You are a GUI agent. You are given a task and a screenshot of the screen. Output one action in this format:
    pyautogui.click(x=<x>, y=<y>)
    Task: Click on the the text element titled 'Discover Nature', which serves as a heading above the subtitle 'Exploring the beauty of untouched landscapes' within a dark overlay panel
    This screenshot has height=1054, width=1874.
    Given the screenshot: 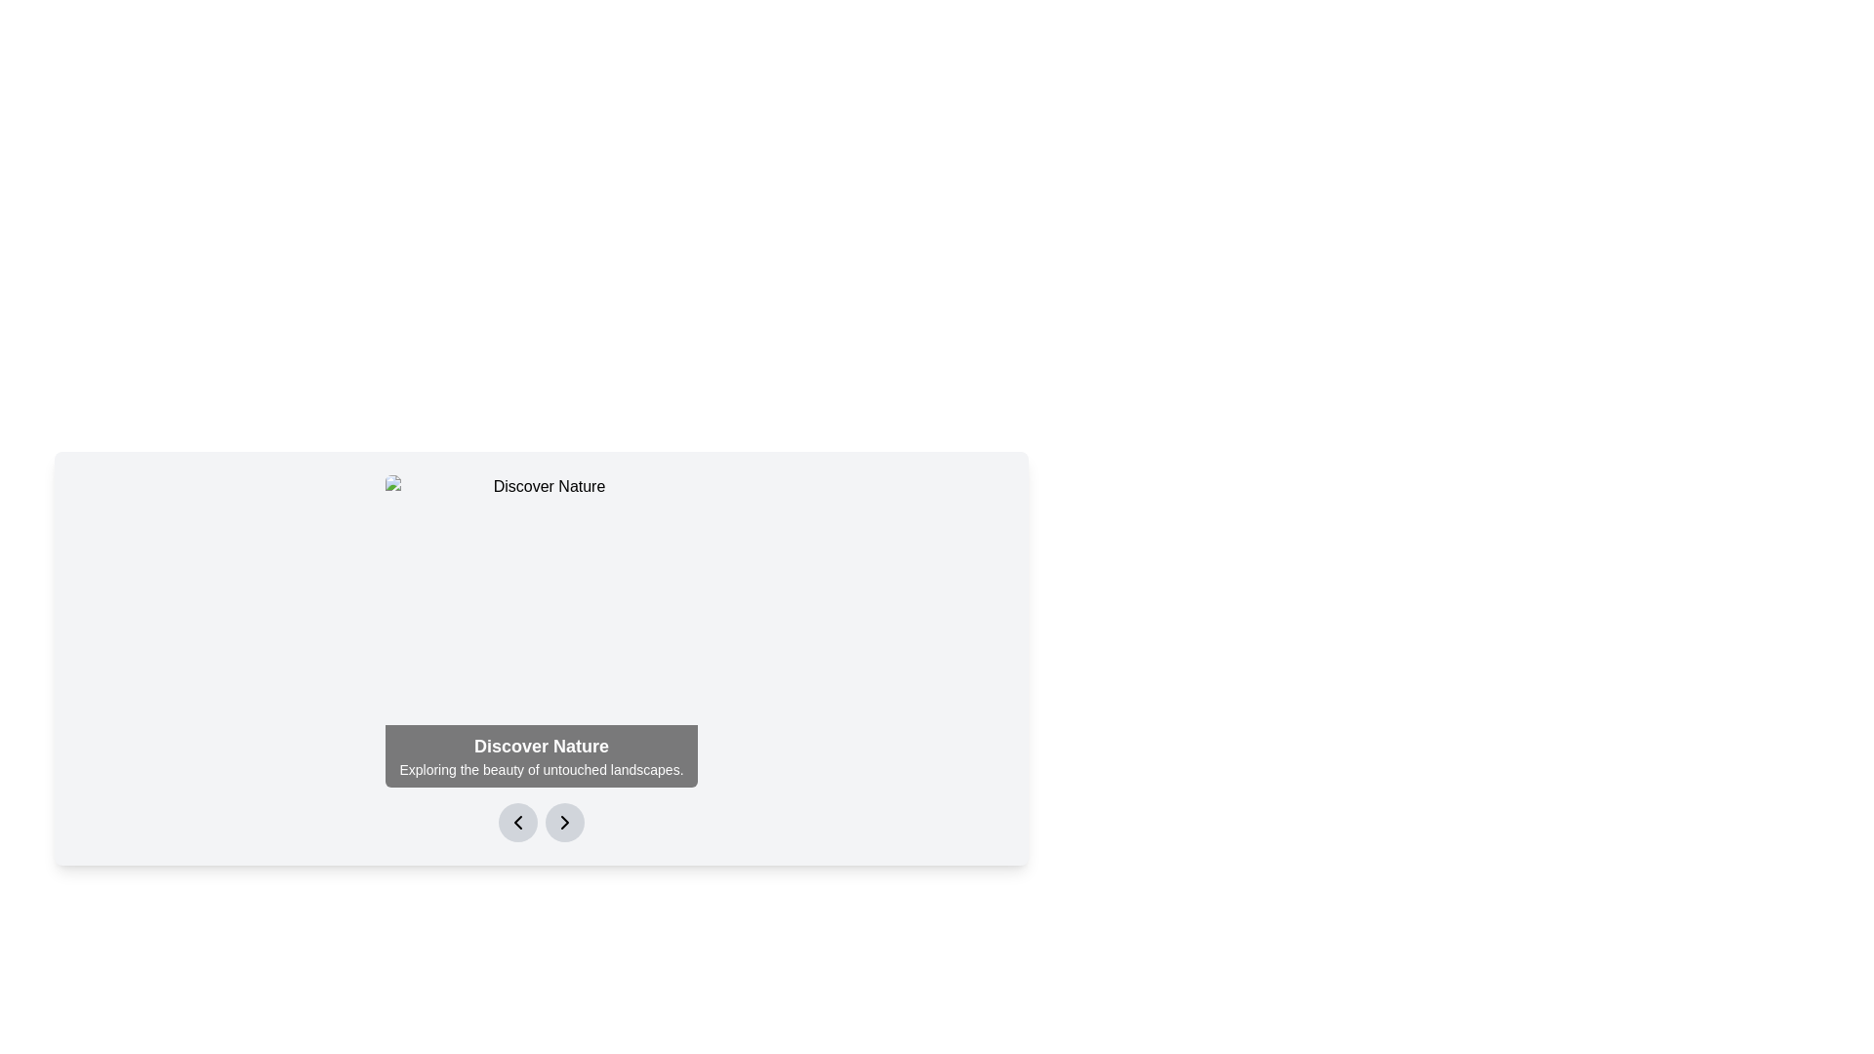 What is the action you would take?
    pyautogui.click(x=542, y=746)
    